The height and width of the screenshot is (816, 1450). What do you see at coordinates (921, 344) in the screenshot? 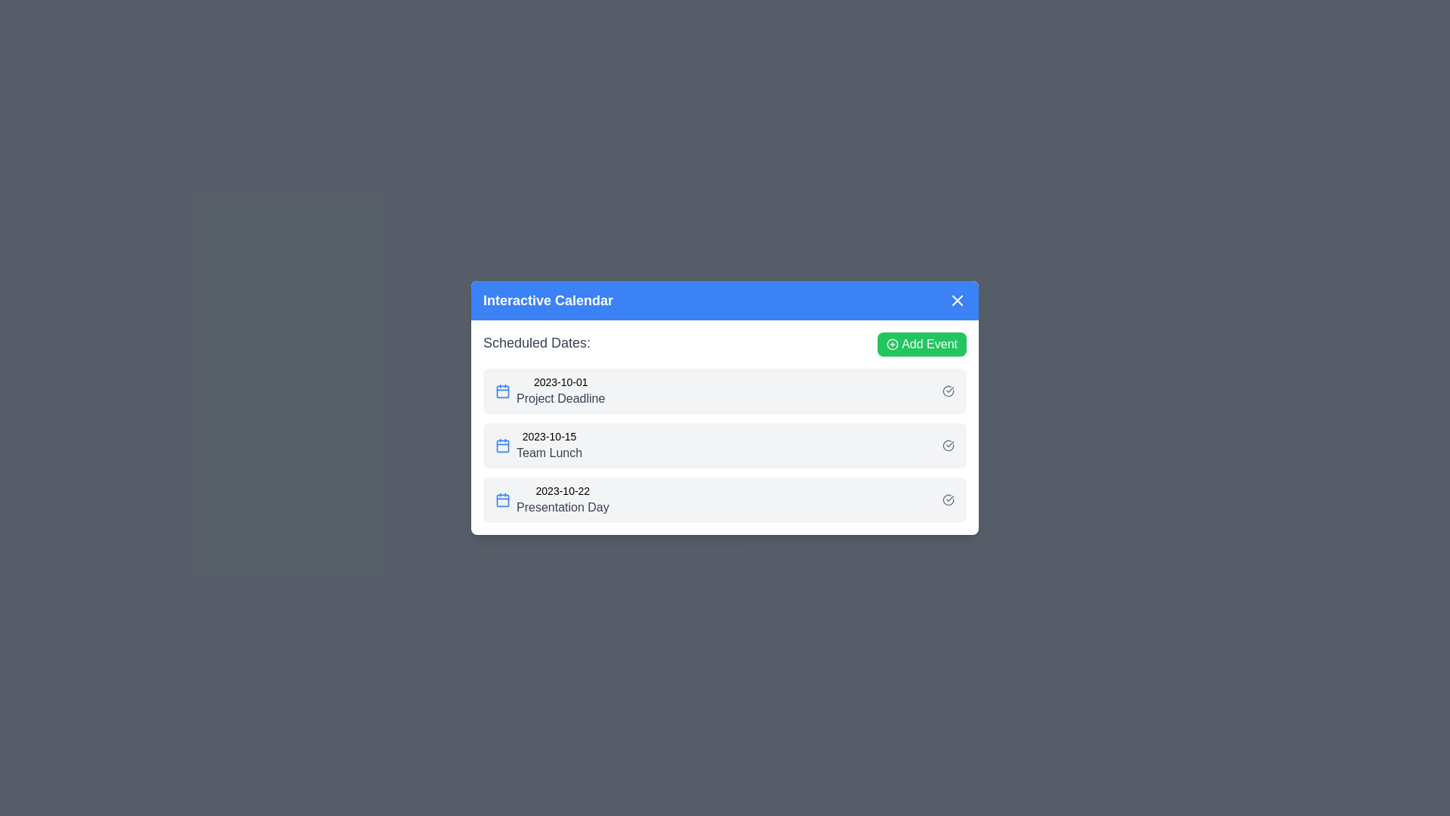
I see `the 'Add Event' button to open the event addition dialog` at bounding box center [921, 344].